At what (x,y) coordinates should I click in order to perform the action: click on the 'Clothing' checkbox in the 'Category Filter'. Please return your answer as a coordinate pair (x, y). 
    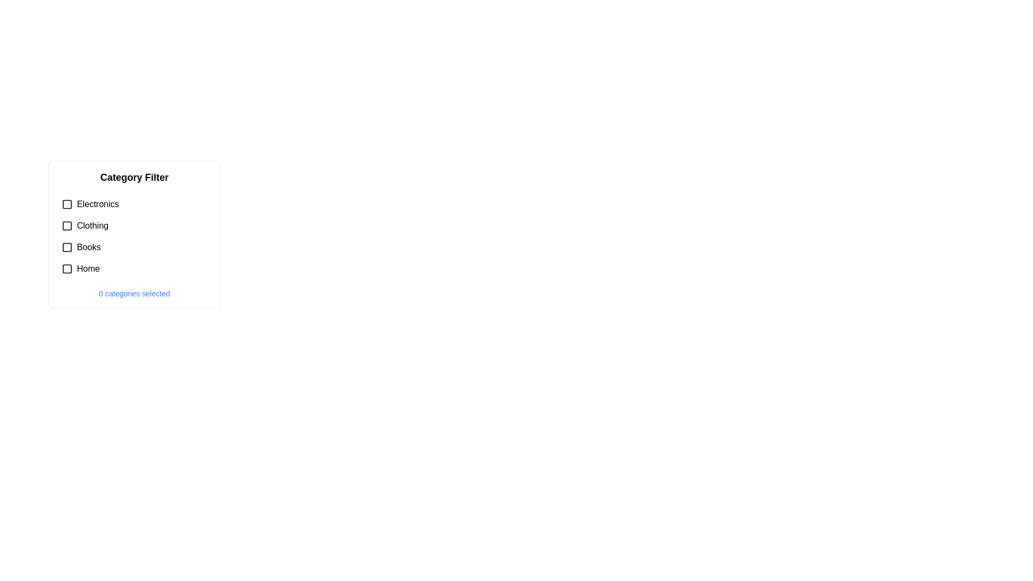
    Looking at the image, I should click on (133, 225).